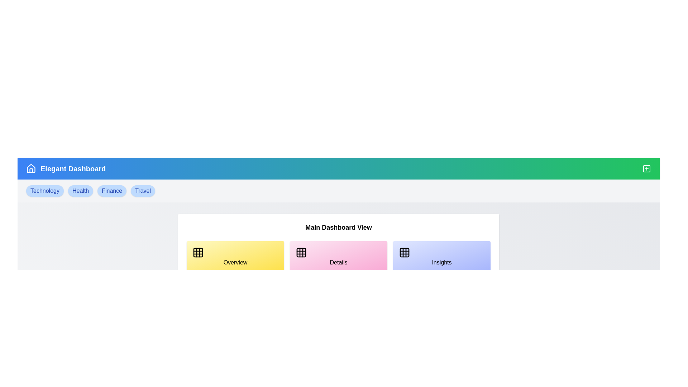 The height and width of the screenshot is (387, 688). I want to click on the home icon to navigate, so click(30, 168).